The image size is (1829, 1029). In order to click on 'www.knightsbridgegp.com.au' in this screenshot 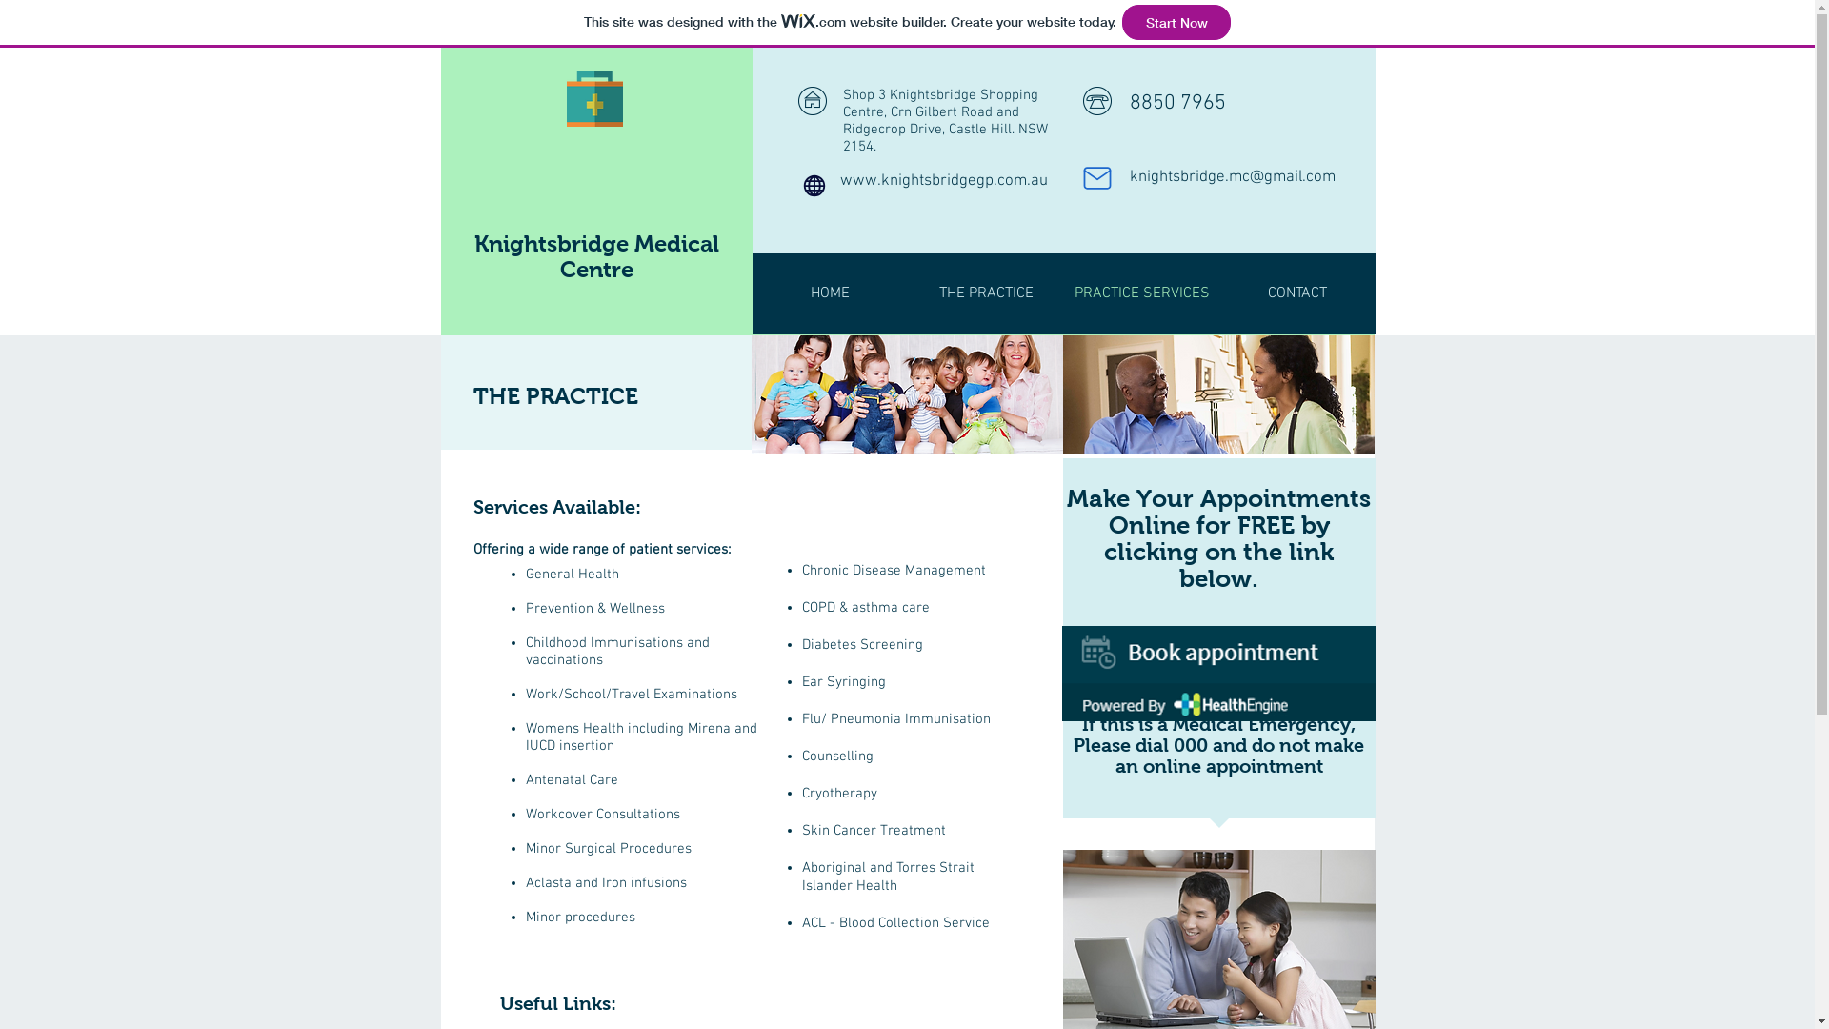, I will do `click(943, 180)`.